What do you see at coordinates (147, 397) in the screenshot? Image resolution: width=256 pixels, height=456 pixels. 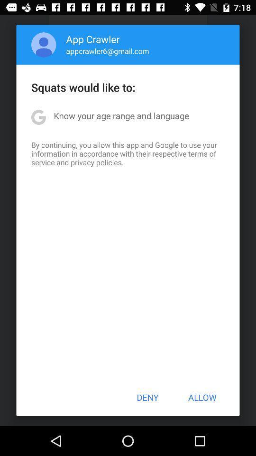 I see `the icon at the bottom` at bounding box center [147, 397].